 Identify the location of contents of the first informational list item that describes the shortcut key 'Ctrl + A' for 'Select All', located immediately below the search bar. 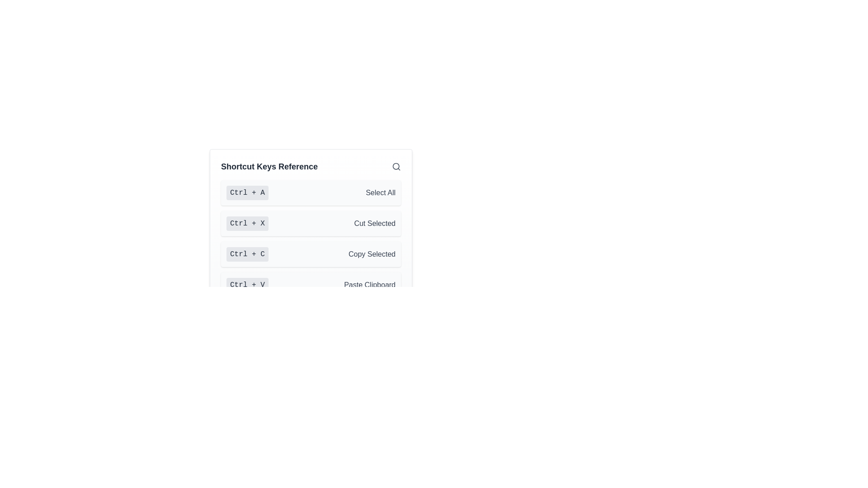
(311, 192).